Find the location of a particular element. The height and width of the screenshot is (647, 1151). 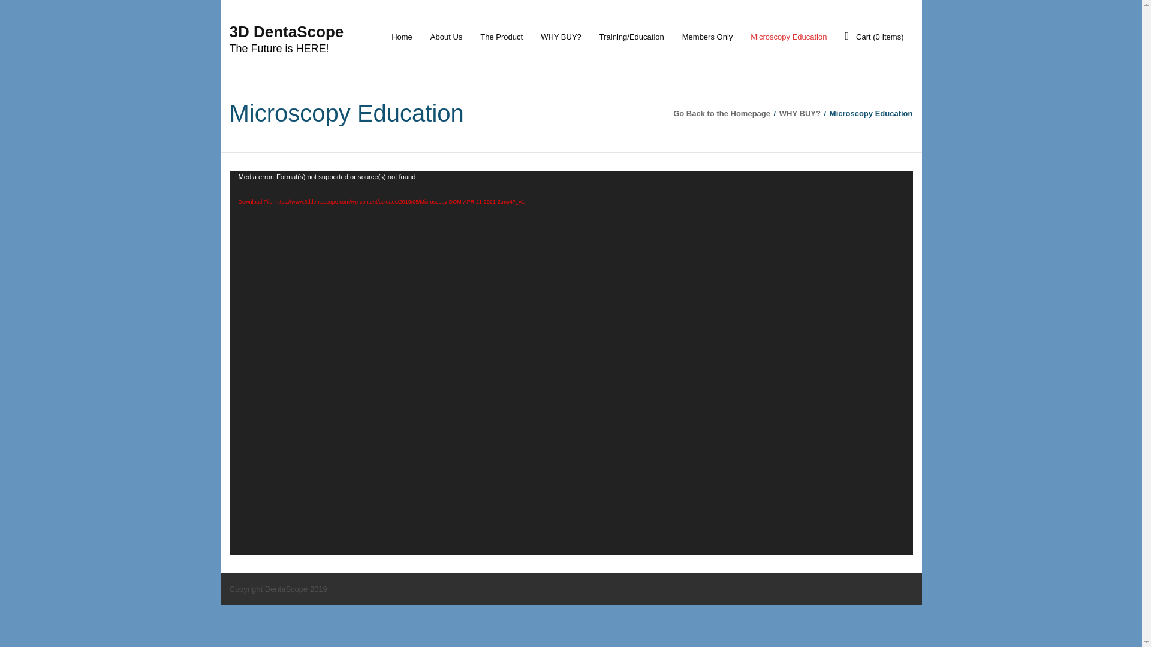

'About Us' is located at coordinates (445, 36).